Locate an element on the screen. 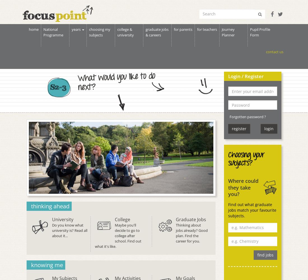  'Find out what graduate jobs match your favourite subjects.' is located at coordinates (252, 209).